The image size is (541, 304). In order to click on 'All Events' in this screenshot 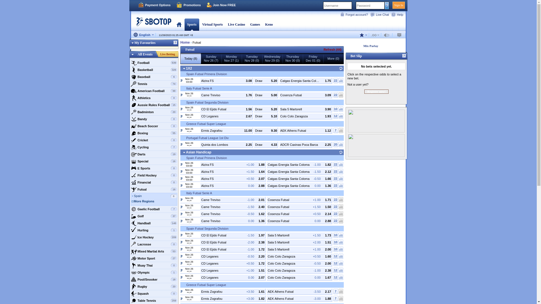, I will do `click(145, 54)`.